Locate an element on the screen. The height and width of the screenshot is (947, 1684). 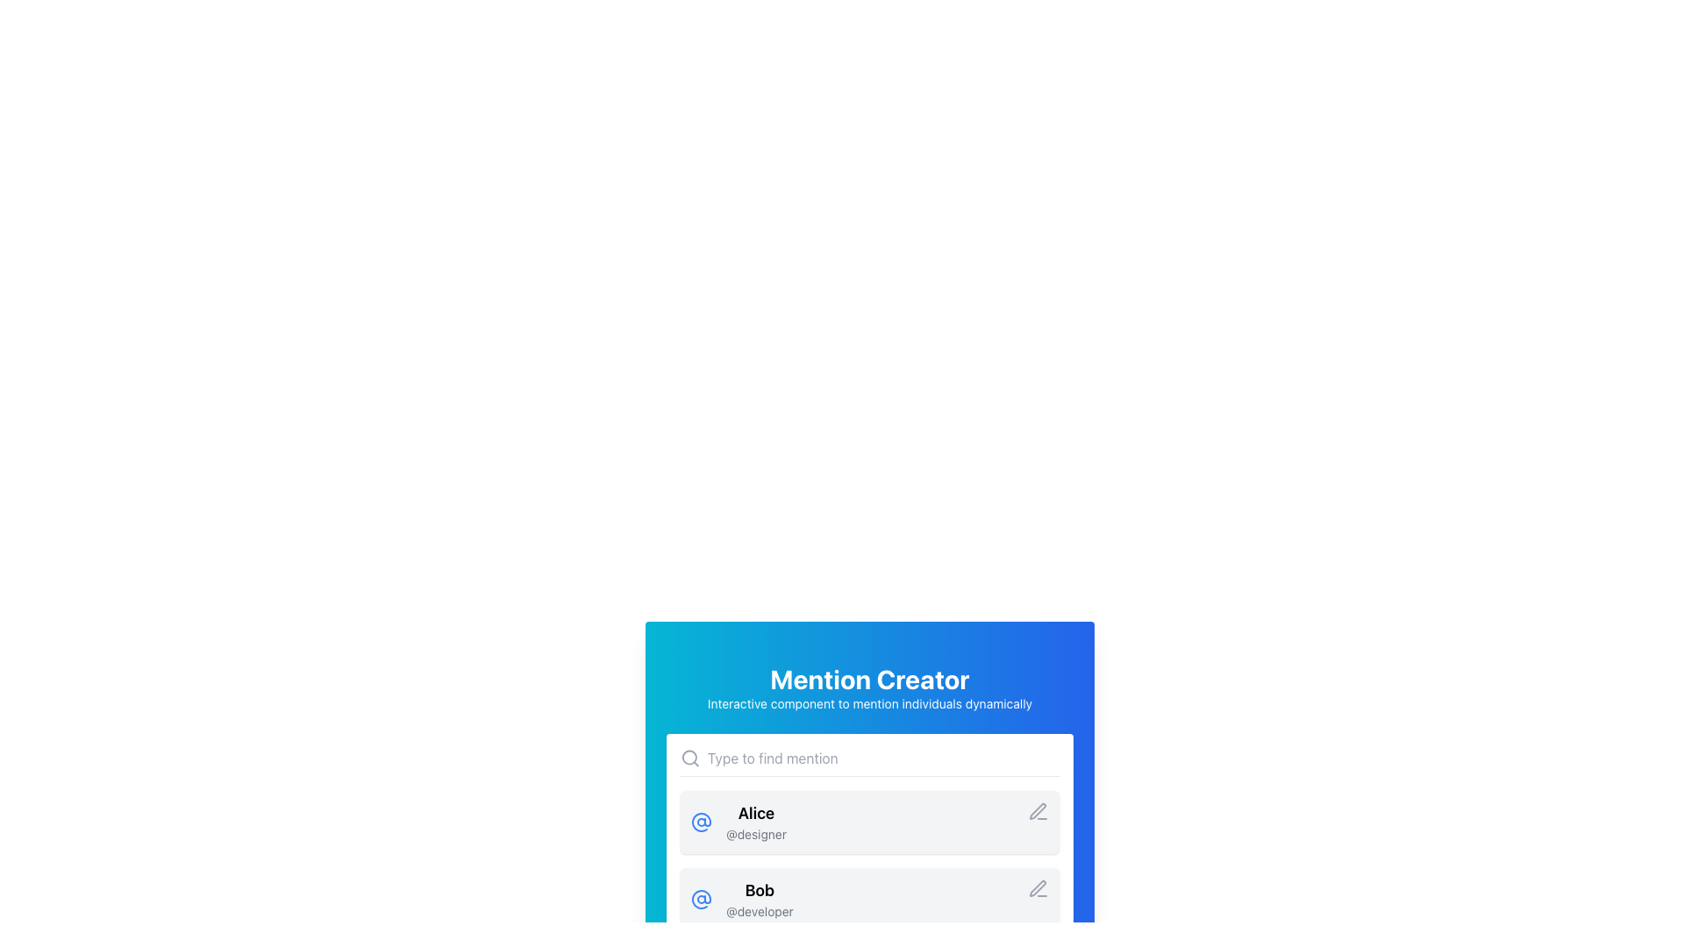
the text label displaying 'Bob', which is bold and large, positioned above the smaller '@developer' text in the second row under the user named 'Alice' is located at coordinates (760, 890).